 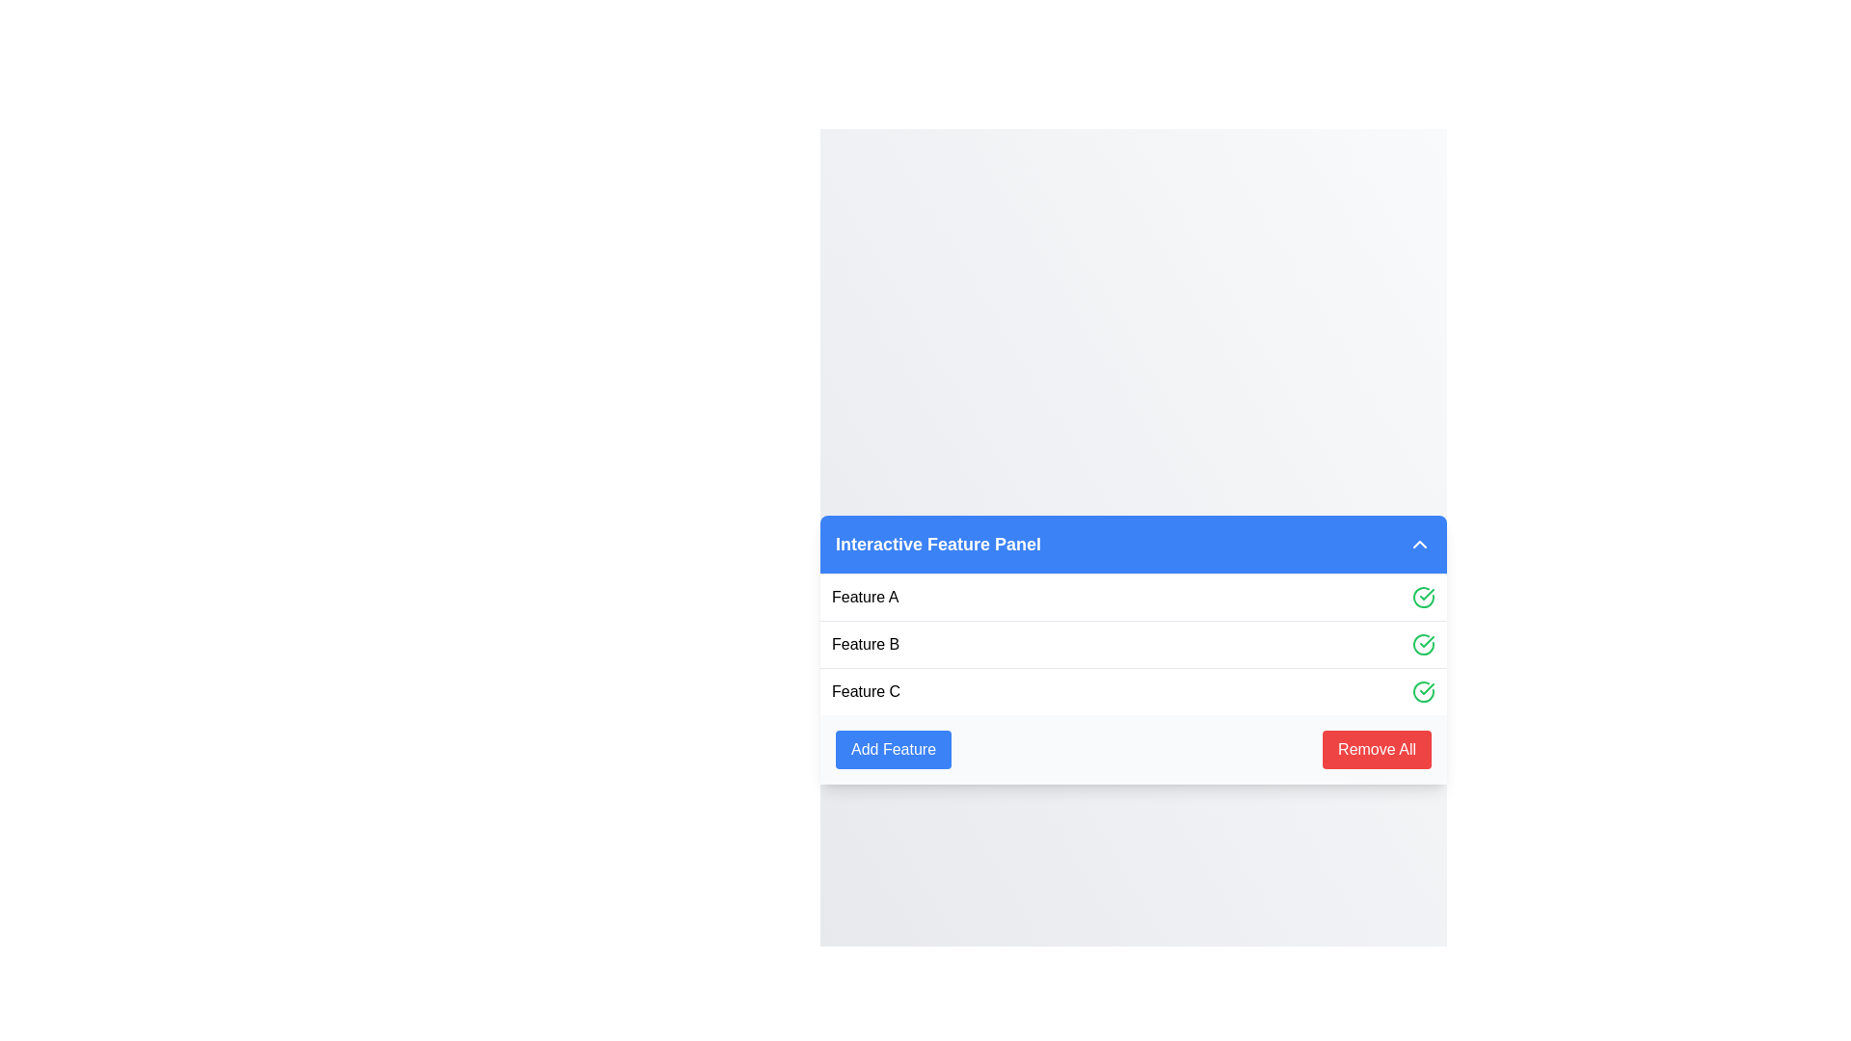 I want to click on the status indicated by the green checkmark icon located in the 'Feature B' row of the 'Interactive Feature Panel', so click(x=1427, y=687).